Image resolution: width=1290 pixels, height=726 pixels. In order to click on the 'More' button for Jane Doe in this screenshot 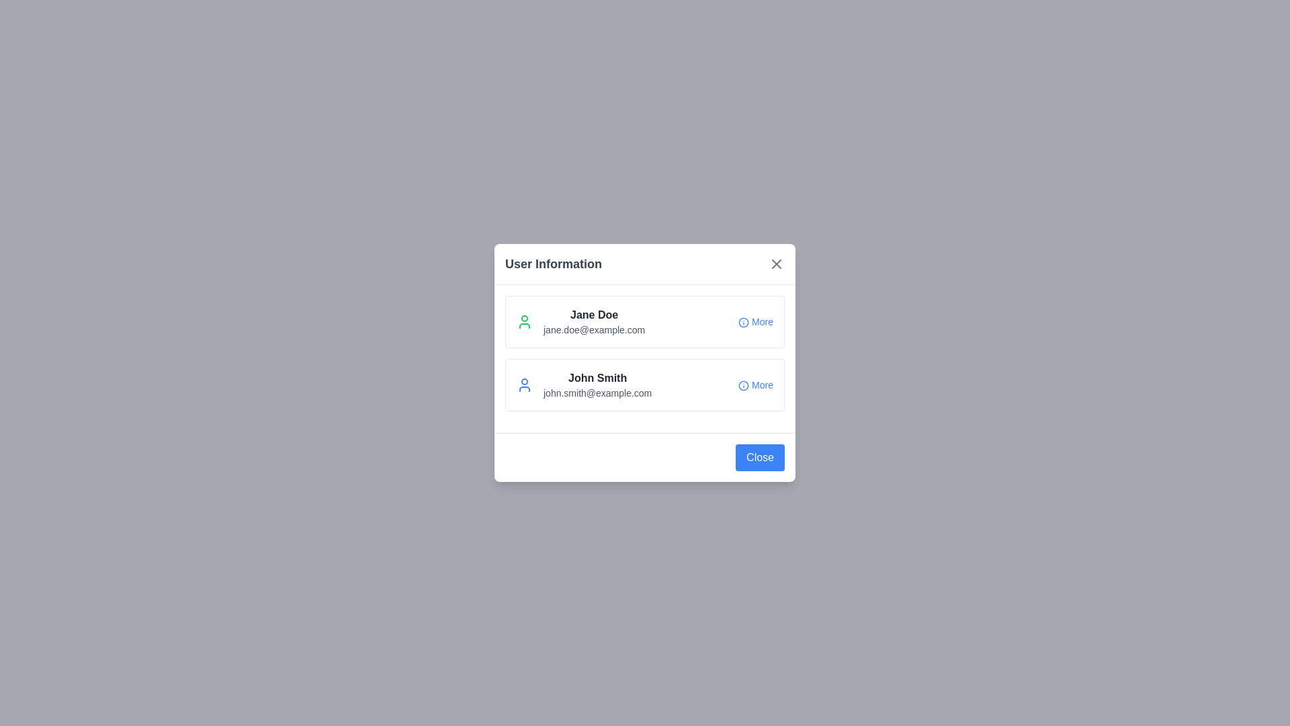, I will do `click(755, 321)`.